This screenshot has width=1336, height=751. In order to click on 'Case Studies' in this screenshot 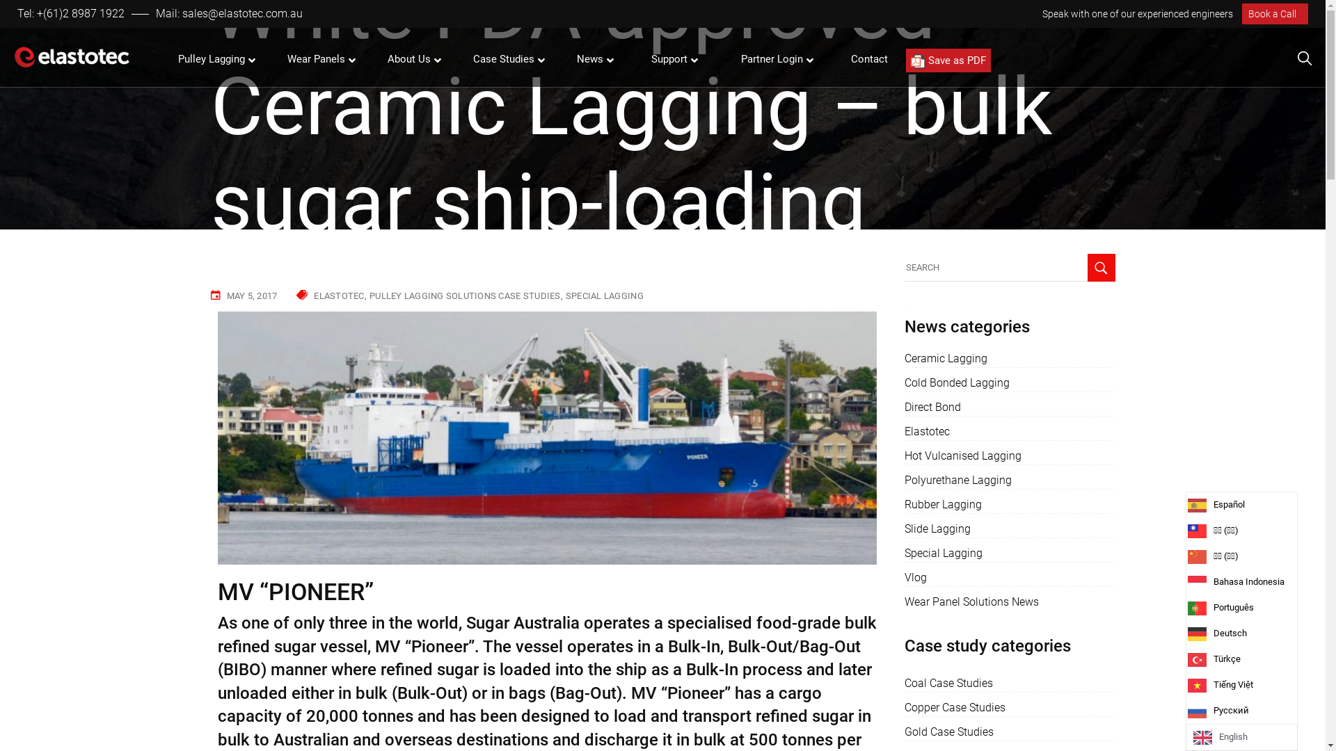, I will do `click(504, 58)`.